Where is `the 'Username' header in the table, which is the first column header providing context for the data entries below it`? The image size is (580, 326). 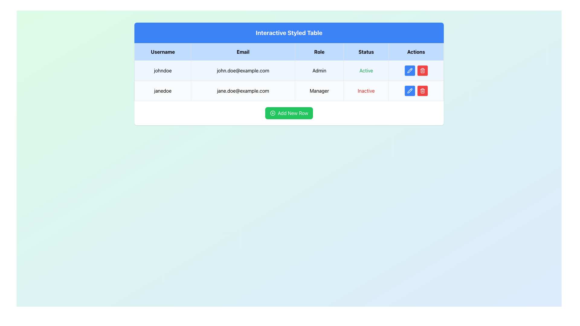 the 'Username' header in the table, which is the first column header providing context for the data entries below it is located at coordinates (163, 52).